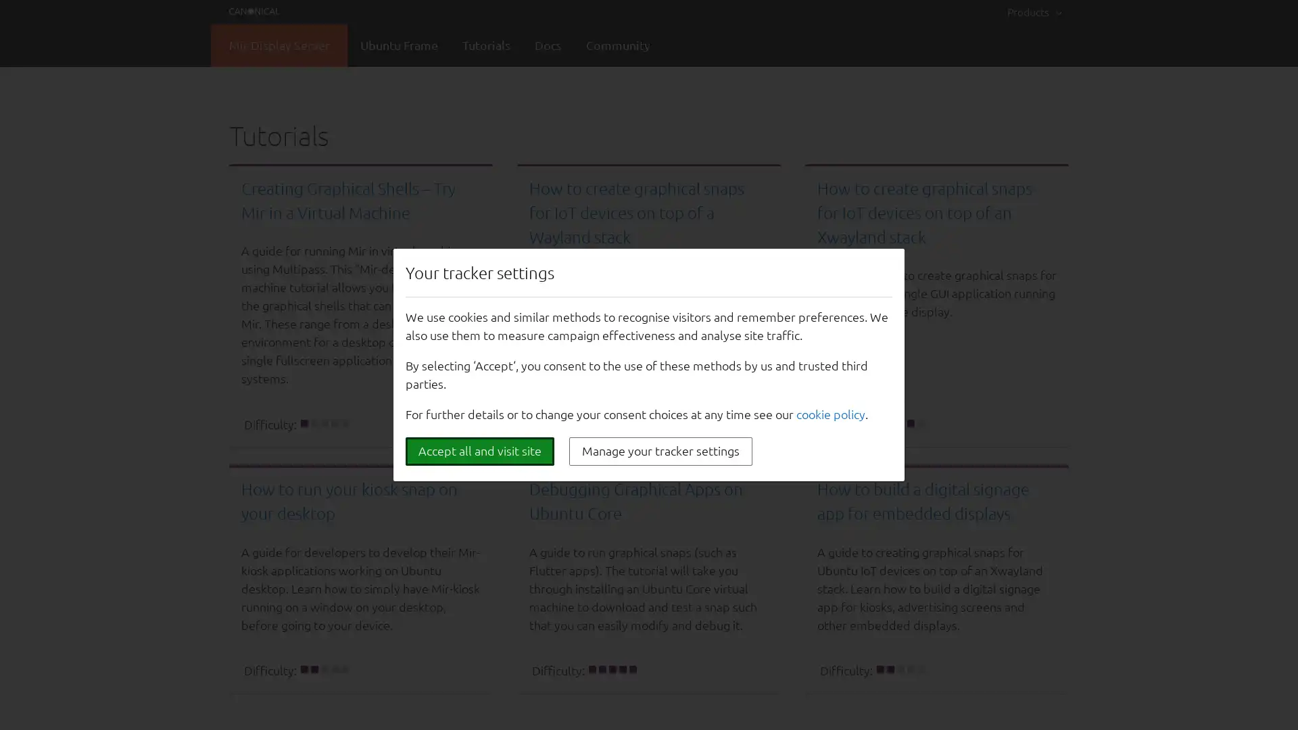 This screenshot has height=730, width=1298. I want to click on Manage your tracker settings, so click(660, 451).